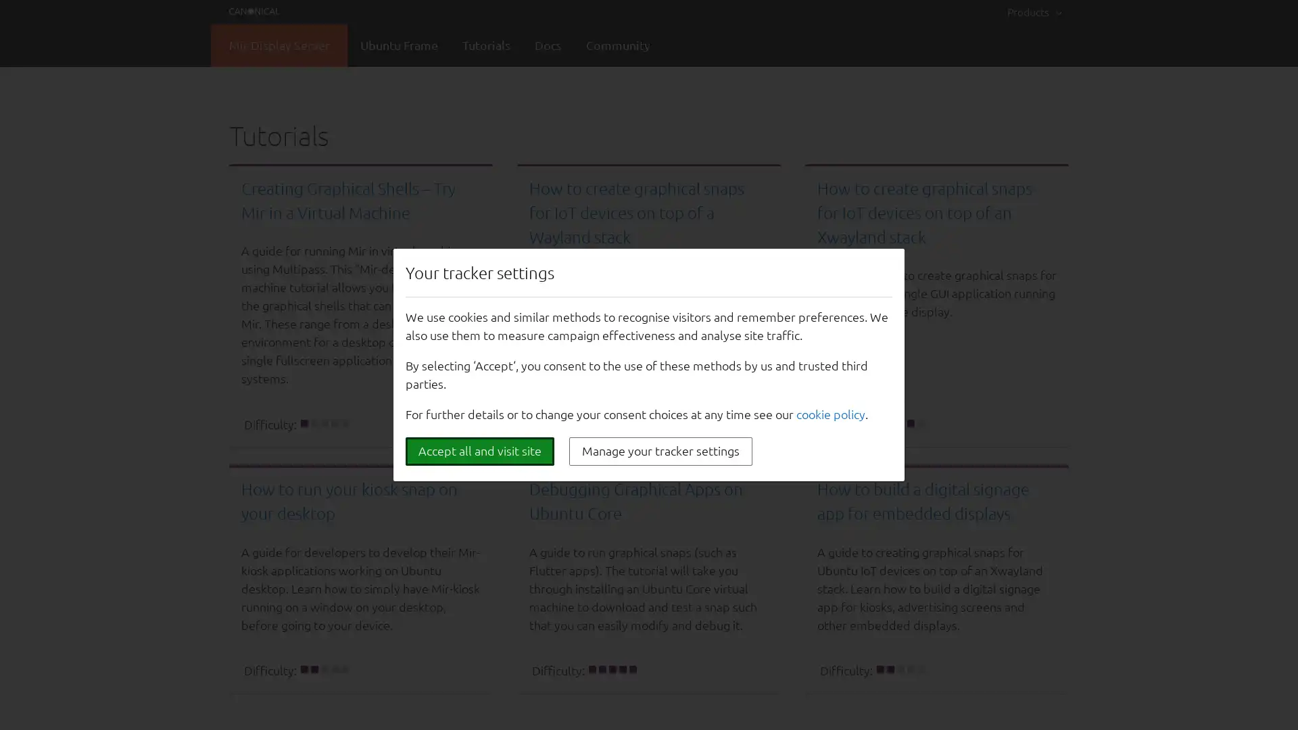 This screenshot has height=730, width=1298. I want to click on Manage your tracker settings, so click(660, 451).